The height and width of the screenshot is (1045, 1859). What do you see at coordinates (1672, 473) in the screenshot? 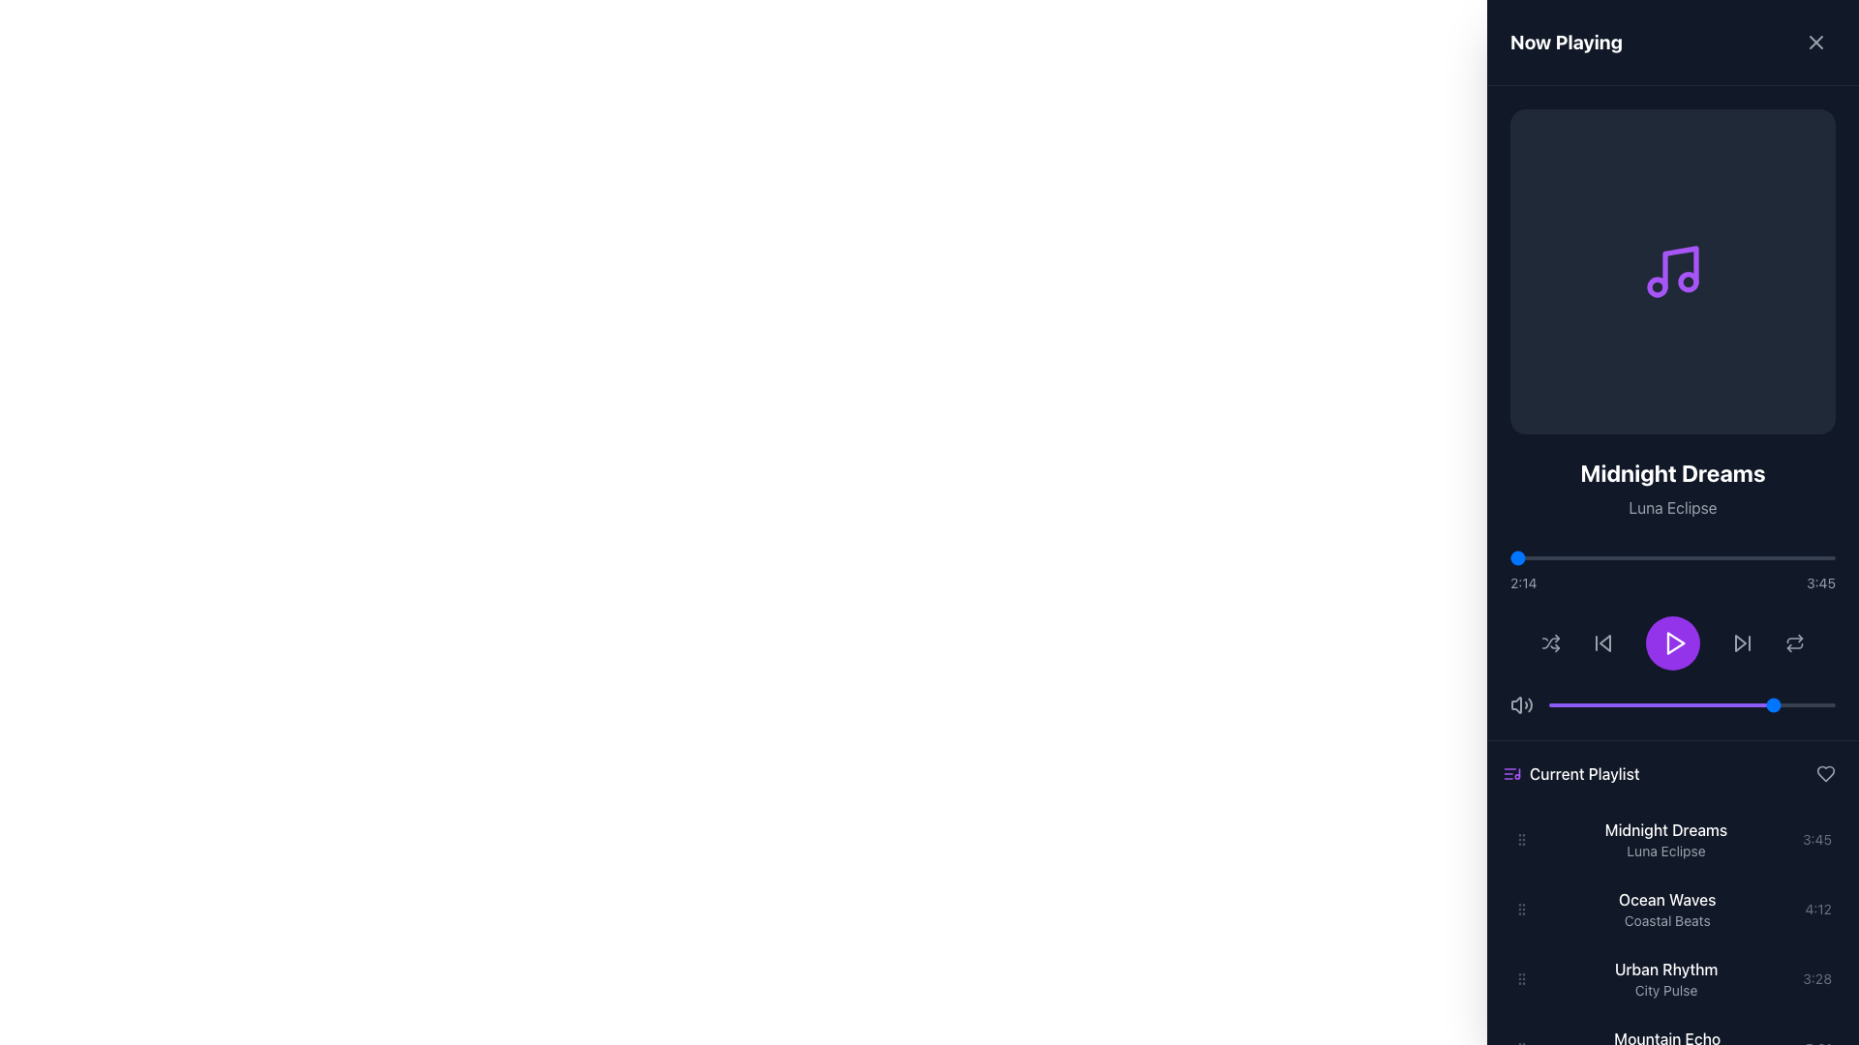
I see `the bold text label 'Midnight Dreams' which is styled in a large white font and positioned above the smaller gray text 'Luna Eclipse'` at bounding box center [1672, 473].